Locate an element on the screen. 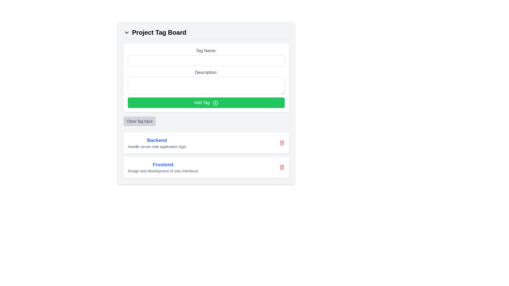 This screenshot has height=286, width=509. the 'Backend' Text Label is located at coordinates (157, 143).